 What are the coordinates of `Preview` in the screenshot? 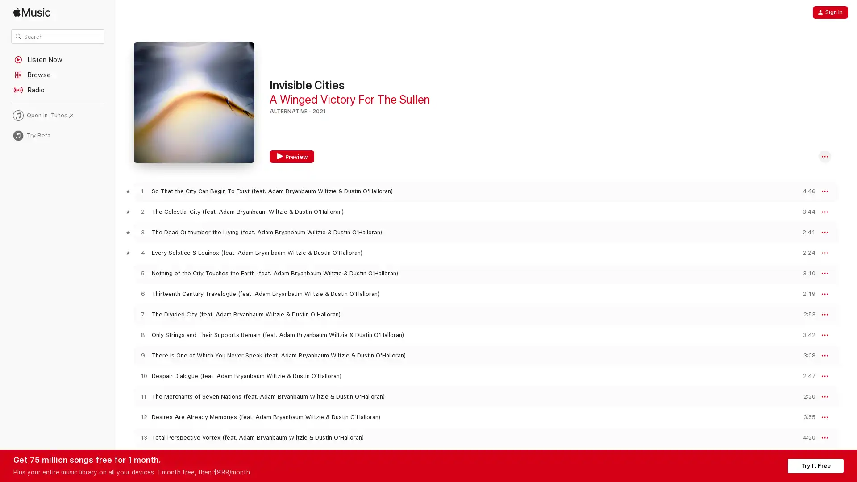 It's located at (805, 232).